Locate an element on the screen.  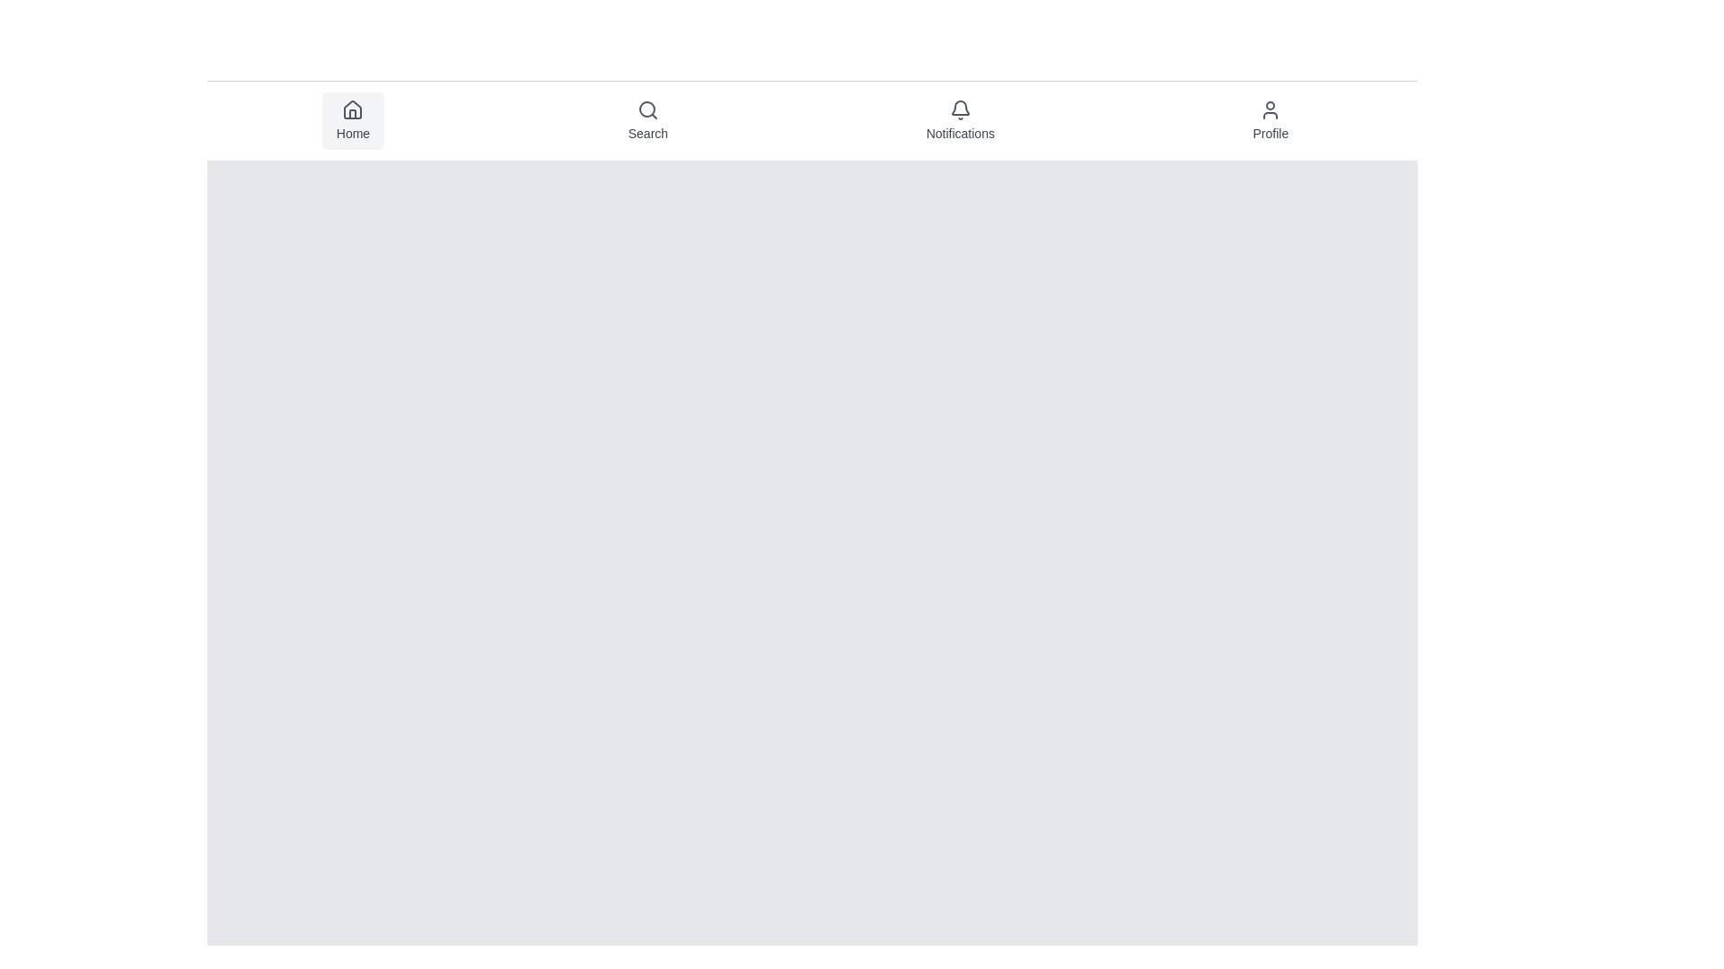
text label displaying 'Home' located within the navigation bar, which is styled with a smaller font size and gray color is located at coordinates (353, 133).